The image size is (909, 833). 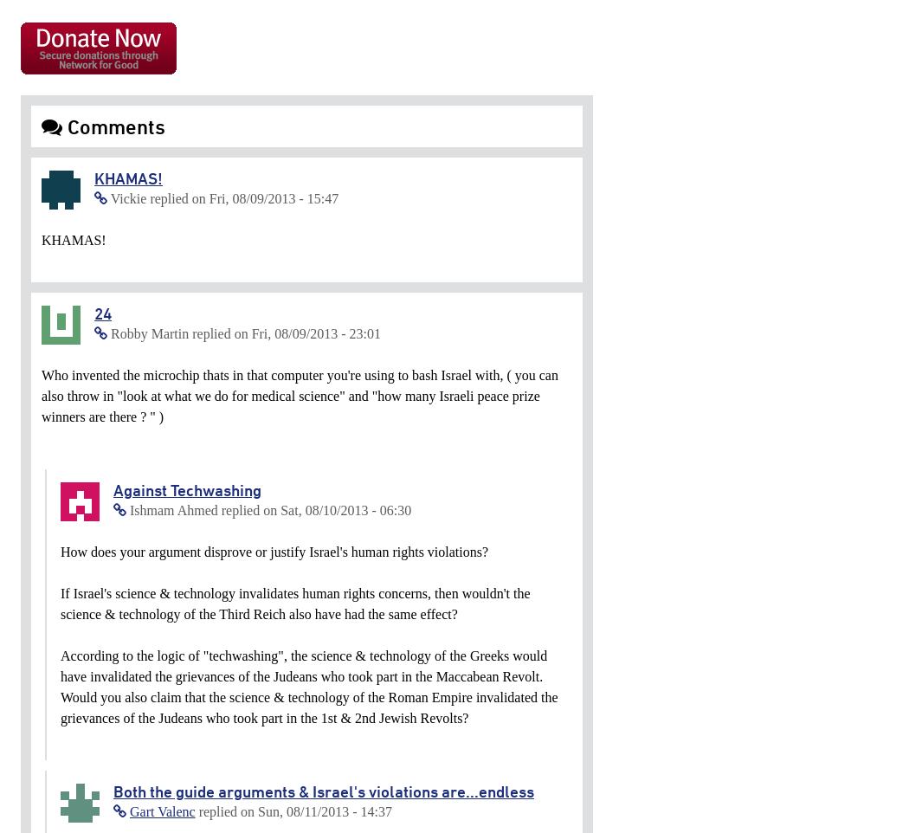 I want to click on '24', so click(x=101, y=313).